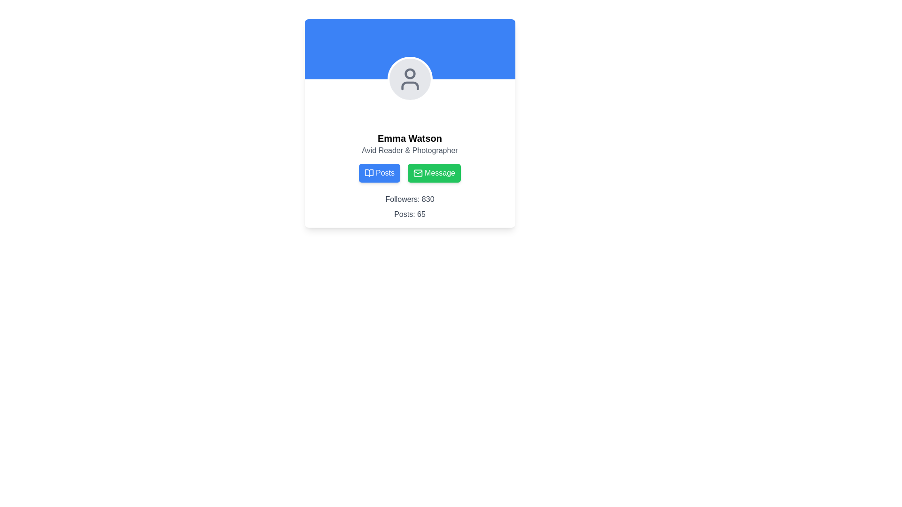 This screenshot has height=507, width=902. Describe the element at coordinates (410, 176) in the screenshot. I see `the 'Posts' and 'Message' buttons within the Profile Information Section for the individual named 'Emma Watson'` at that location.